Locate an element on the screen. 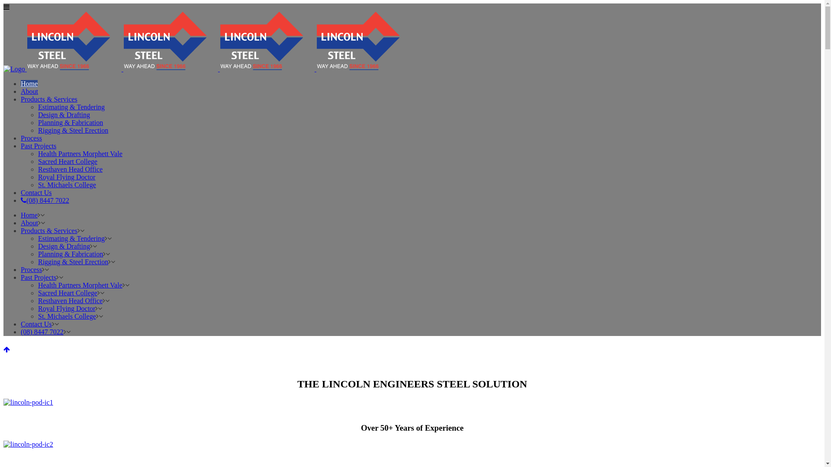 Image resolution: width=831 pixels, height=467 pixels. 'lincoln-pod-ic1' is located at coordinates (3, 402).